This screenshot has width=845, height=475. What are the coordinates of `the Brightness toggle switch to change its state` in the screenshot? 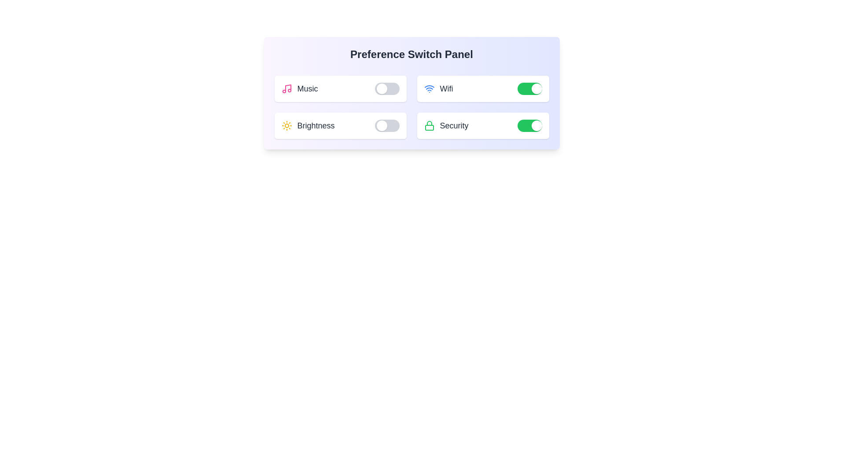 It's located at (387, 125).